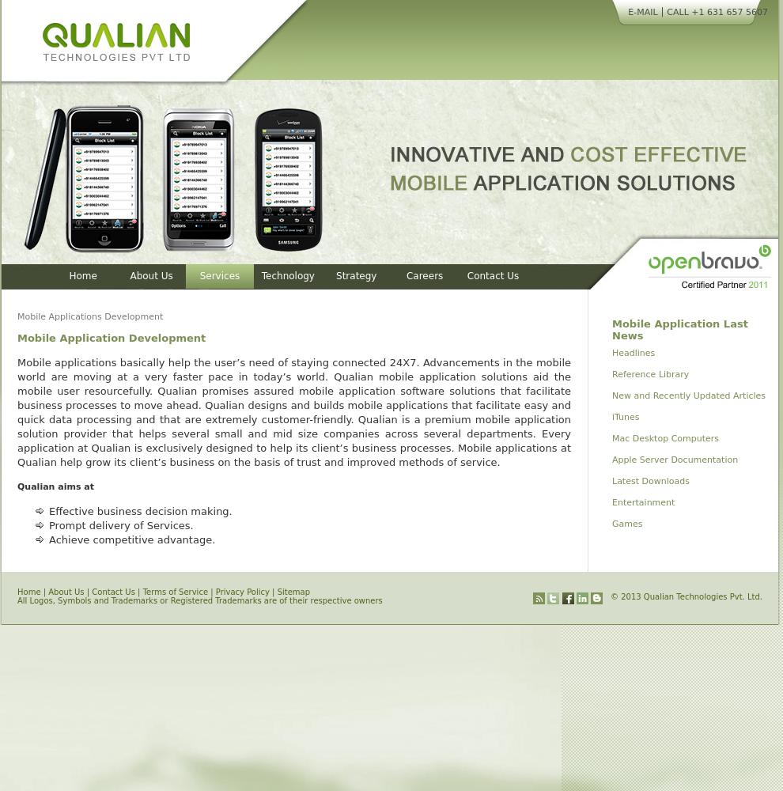 This screenshot has height=791, width=783. I want to click on 'Effective business decision making.', so click(48, 510).